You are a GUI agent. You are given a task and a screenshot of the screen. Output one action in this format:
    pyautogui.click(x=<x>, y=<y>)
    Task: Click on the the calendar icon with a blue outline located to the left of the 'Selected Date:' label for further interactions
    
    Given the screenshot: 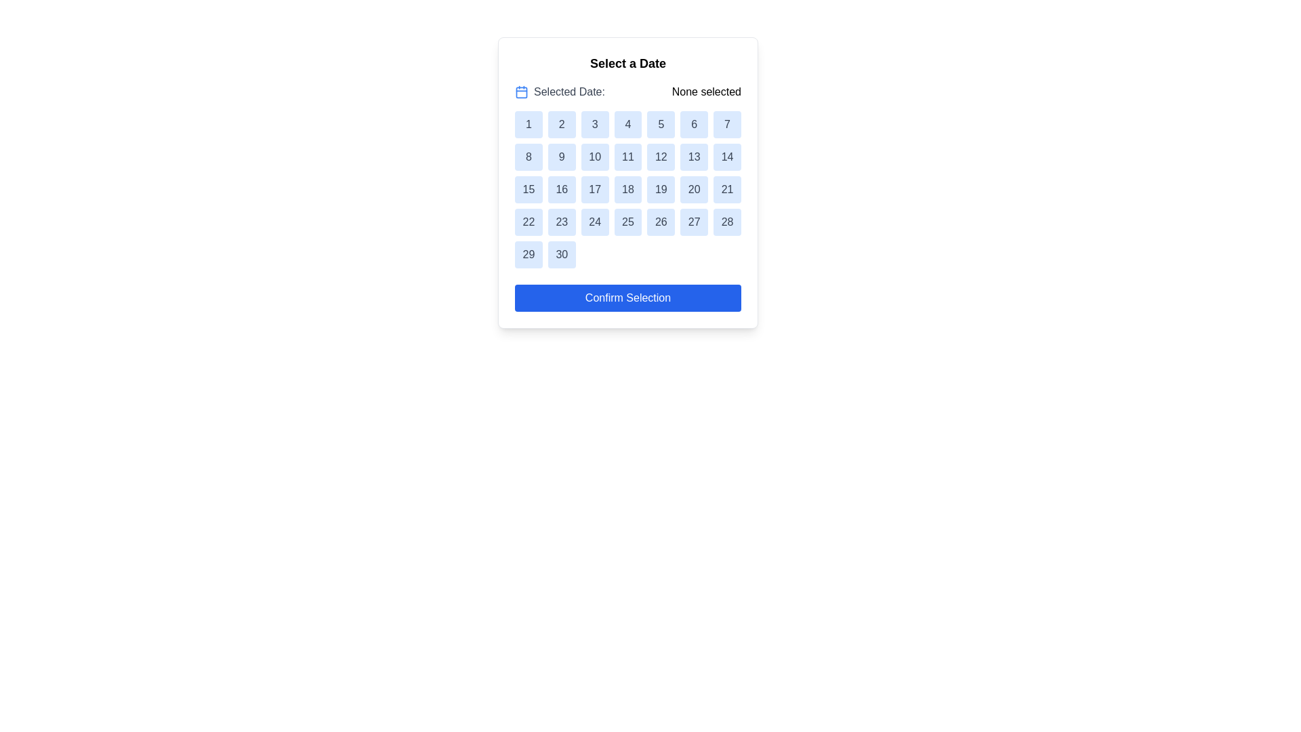 What is the action you would take?
    pyautogui.click(x=520, y=91)
    